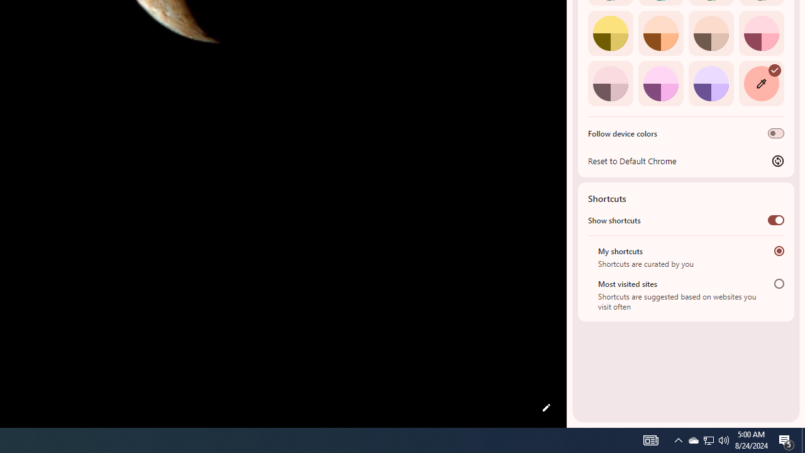 The height and width of the screenshot is (453, 805). What do you see at coordinates (711, 83) in the screenshot?
I see `'Violet'` at bounding box center [711, 83].